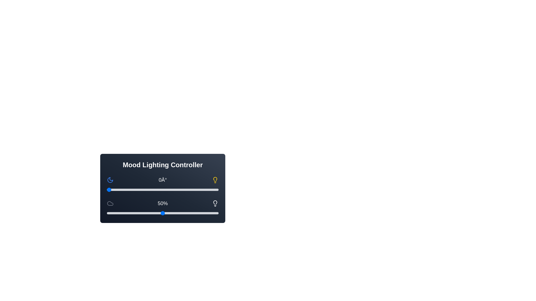 The width and height of the screenshot is (536, 301). I want to click on the light intensity to 97% by adjusting the slider, so click(215, 213).